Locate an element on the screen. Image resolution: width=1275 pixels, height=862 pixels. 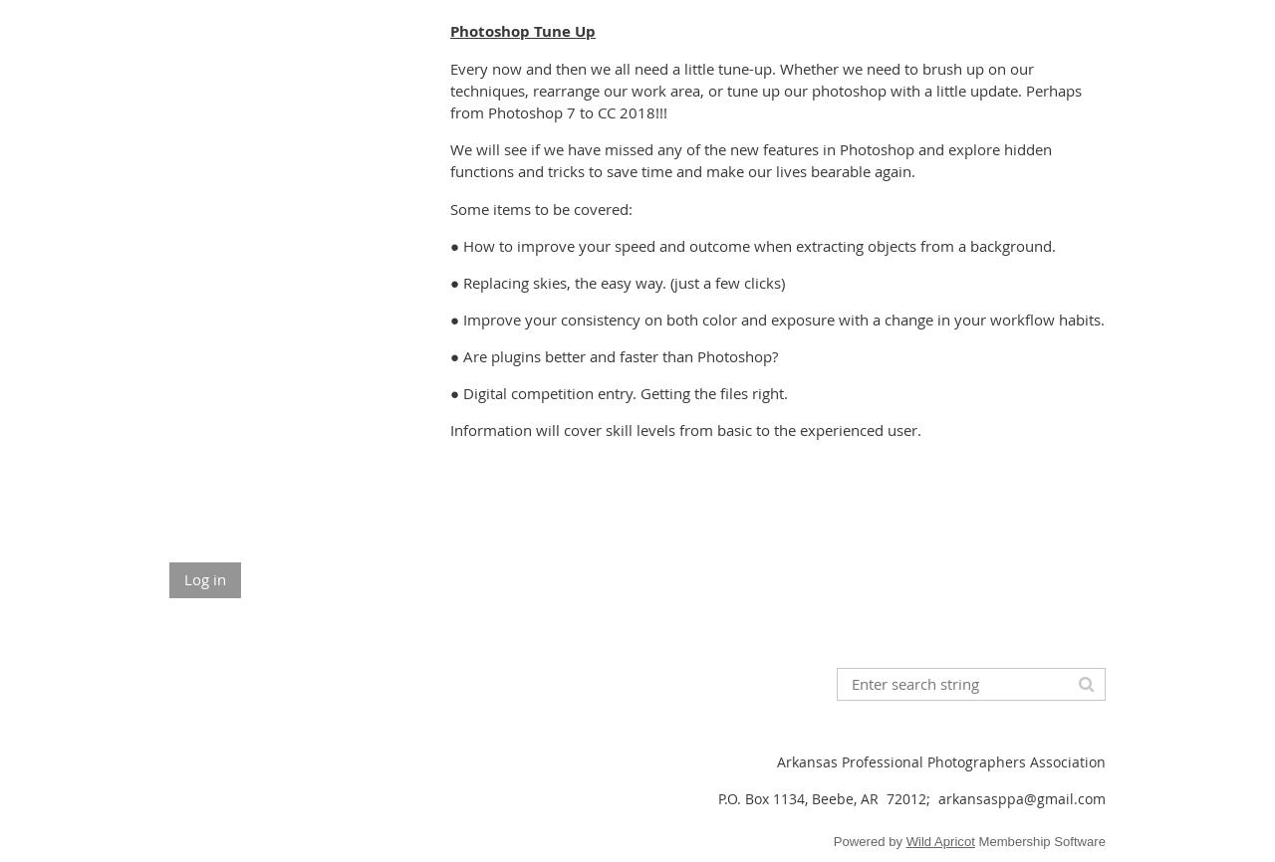
'P.O. Box 1134, Beebe, AR  72012;  arkansasppa@gmail.com' is located at coordinates (910, 797).